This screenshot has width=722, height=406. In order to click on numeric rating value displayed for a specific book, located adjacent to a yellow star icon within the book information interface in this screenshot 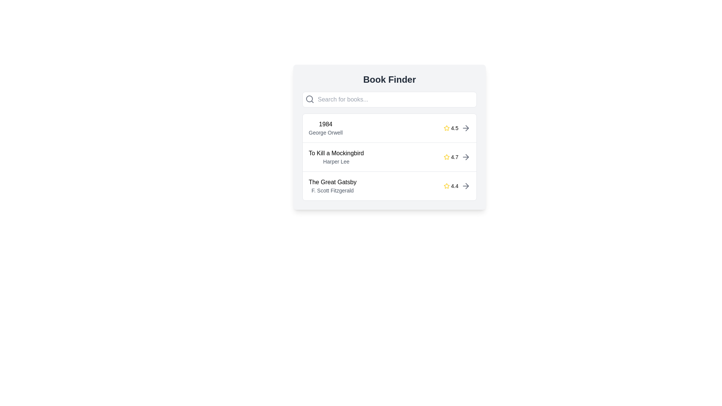, I will do `click(454, 186)`.